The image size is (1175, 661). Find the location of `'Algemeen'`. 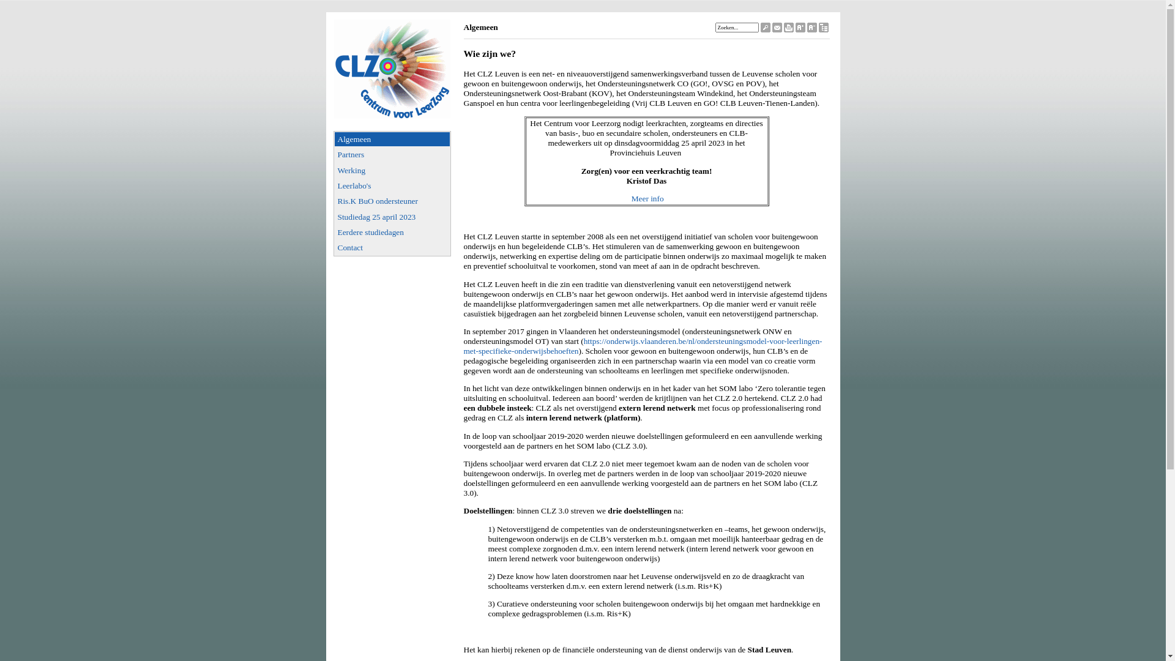

'Algemeen' is located at coordinates (392, 138).